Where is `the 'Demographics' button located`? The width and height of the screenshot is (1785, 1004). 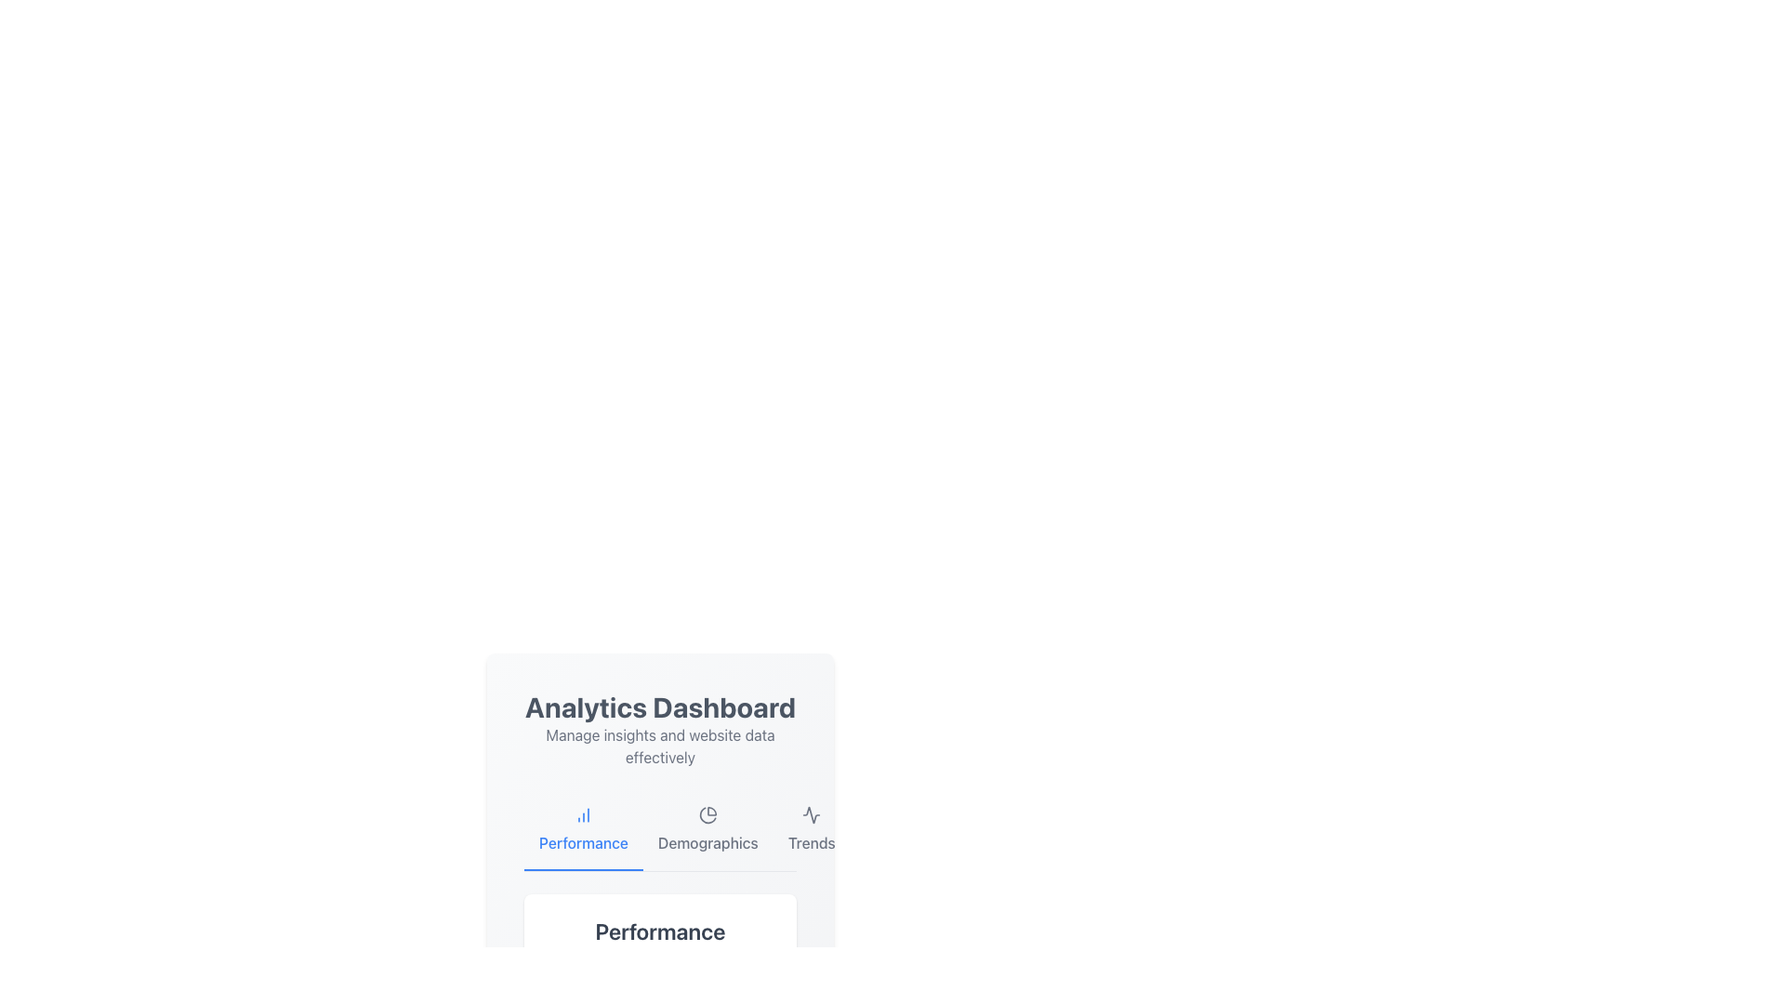 the 'Demographics' button located is located at coordinates (707, 830).